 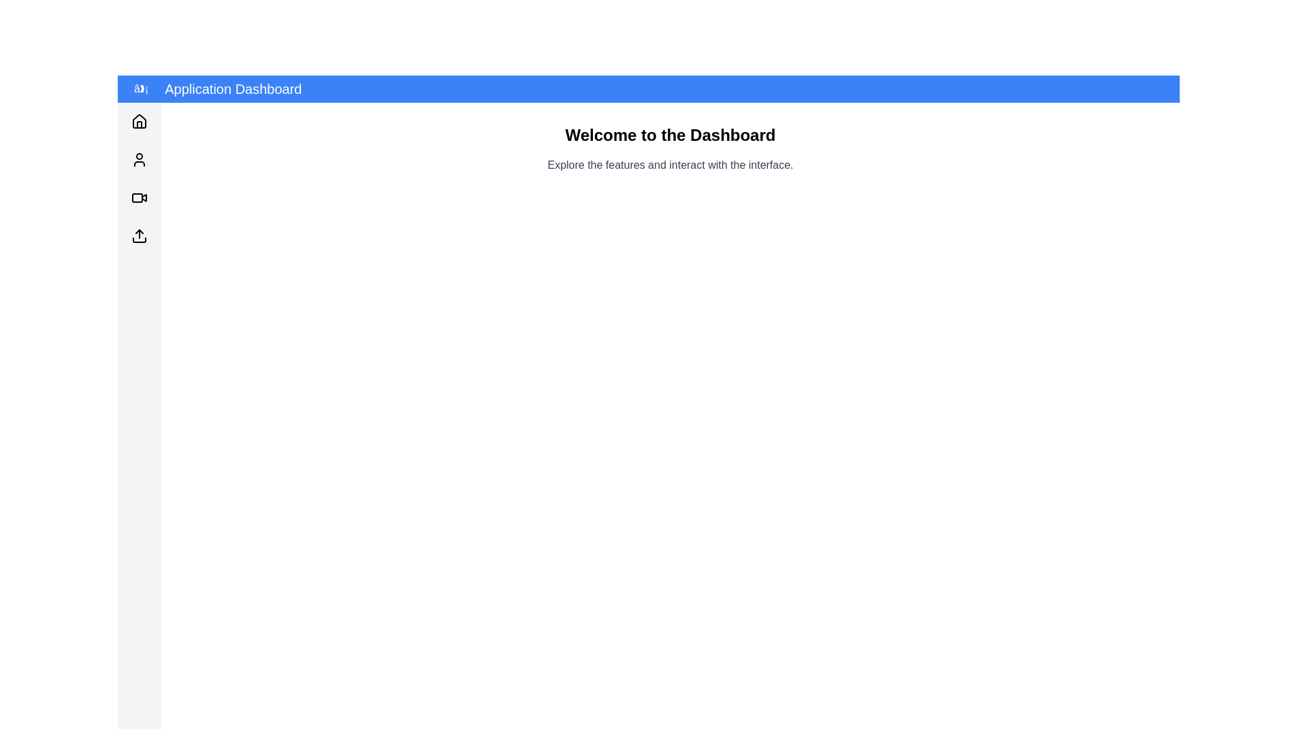 What do you see at coordinates (140, 159) in the screenshot?
I see `the user profile SVG icon in the sidebar` at bounding box center [140, 159].